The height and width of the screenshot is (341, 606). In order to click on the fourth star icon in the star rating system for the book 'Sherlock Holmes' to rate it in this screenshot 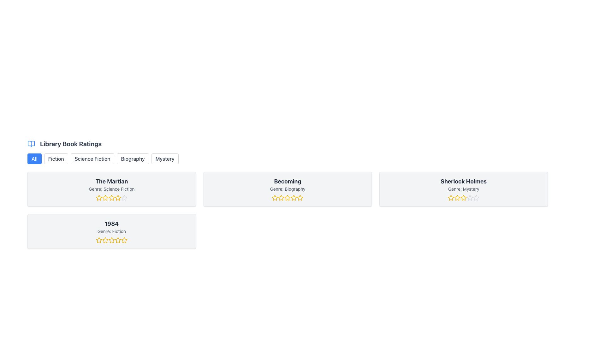, I will do `click(464, 198)`.